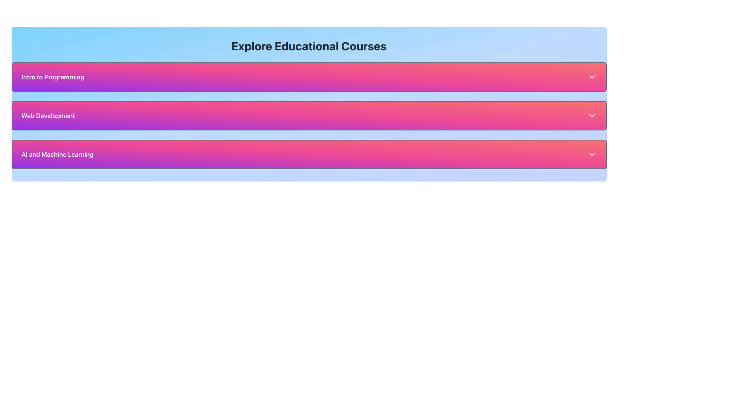  What do you see at coordinates (52, 77) in the screenshot?
I see `the text label 'Intro to Programming' which is styled with a bold white font on a gradient background` at bounding box center [52, 77].